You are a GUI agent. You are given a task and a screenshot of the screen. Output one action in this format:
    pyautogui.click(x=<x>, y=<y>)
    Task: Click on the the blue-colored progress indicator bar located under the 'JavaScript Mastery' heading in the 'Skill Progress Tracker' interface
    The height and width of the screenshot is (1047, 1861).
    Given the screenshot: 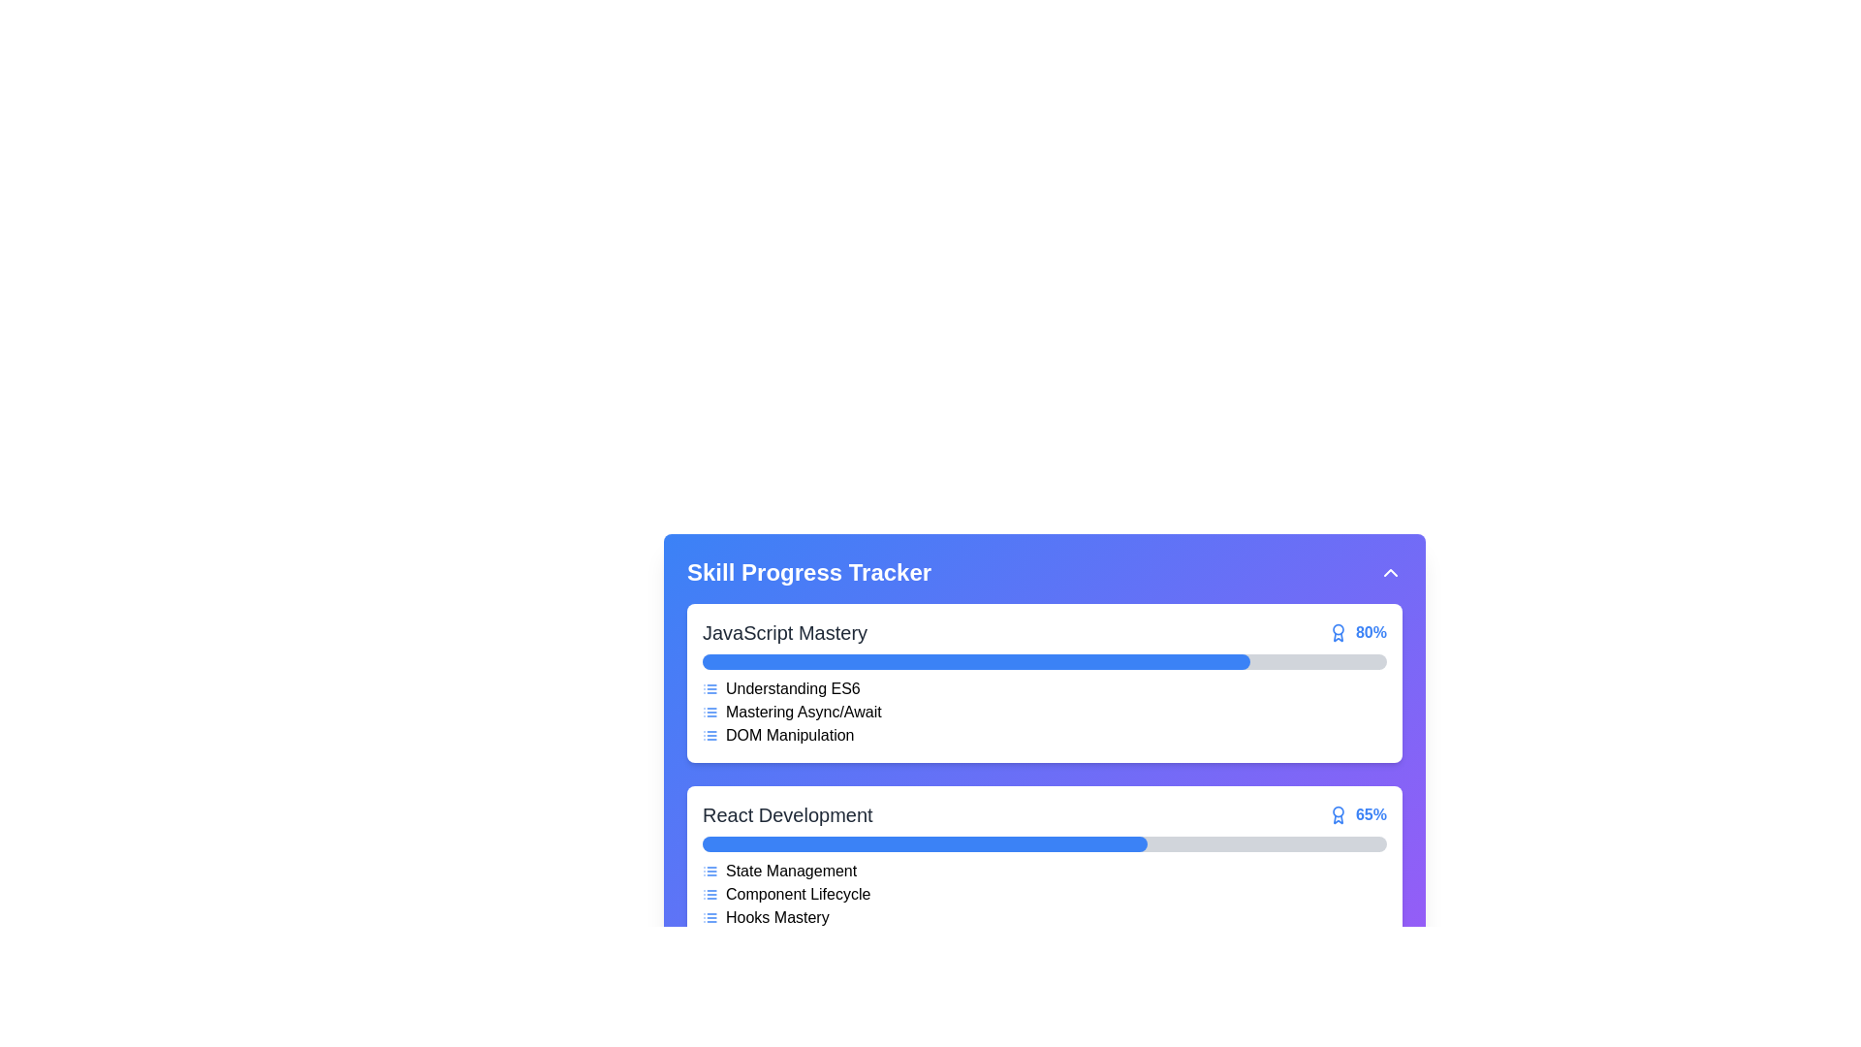 What is the action you would take?
    pyautogui.click(x=976, y=660)
    